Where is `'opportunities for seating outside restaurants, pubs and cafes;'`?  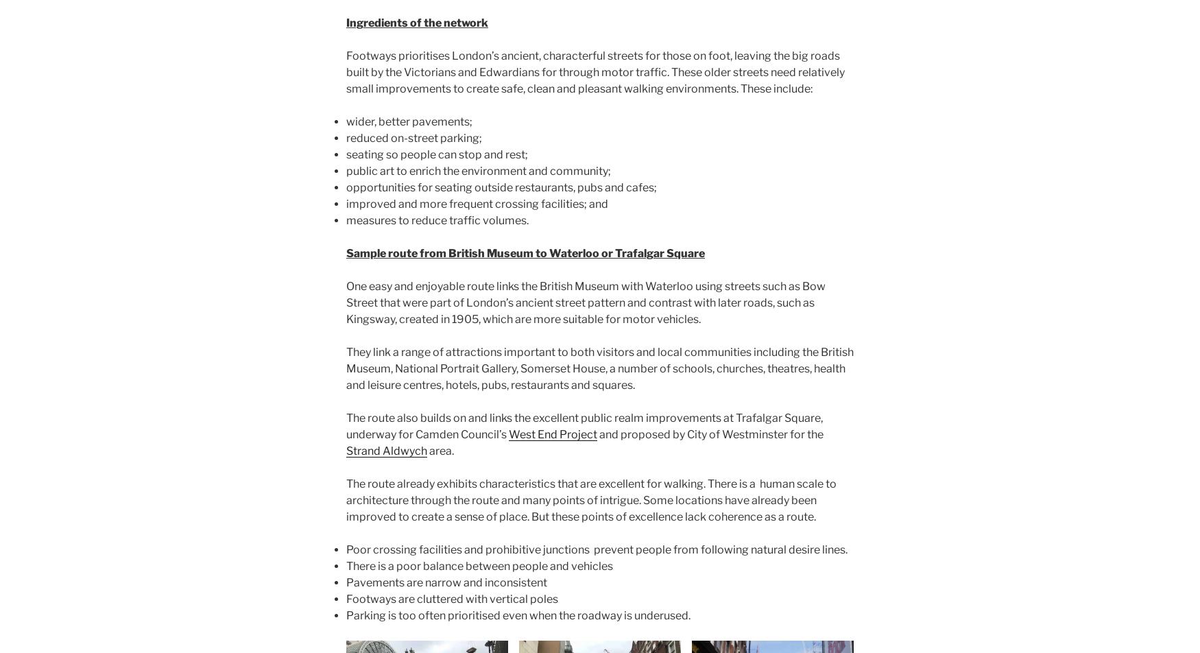
'opportunities for seating outside restaurants, pubs and cafes;' is located at coordinates (501, 187).